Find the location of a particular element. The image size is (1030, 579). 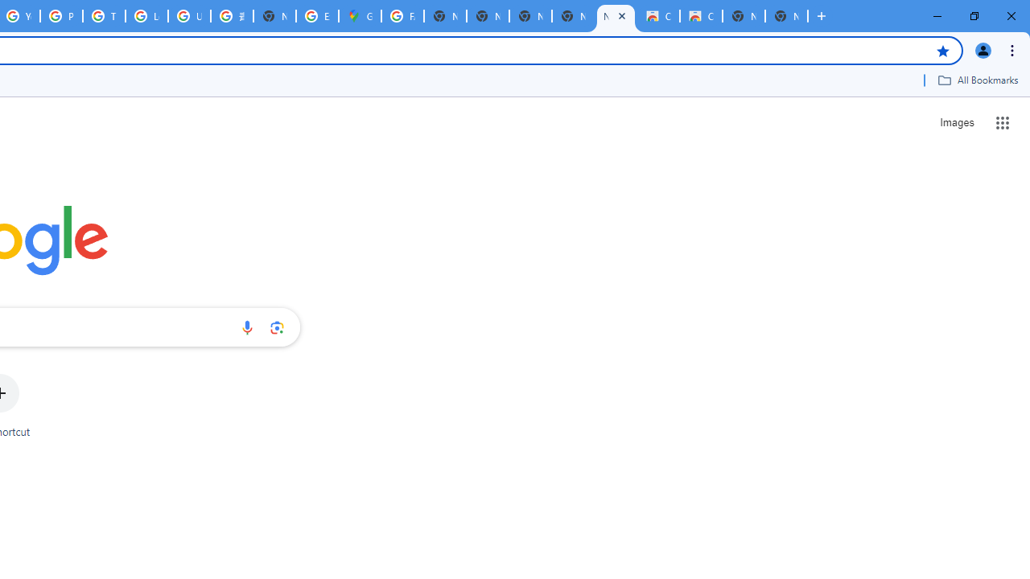

'New Tab' is located at coordinates (786, 16).